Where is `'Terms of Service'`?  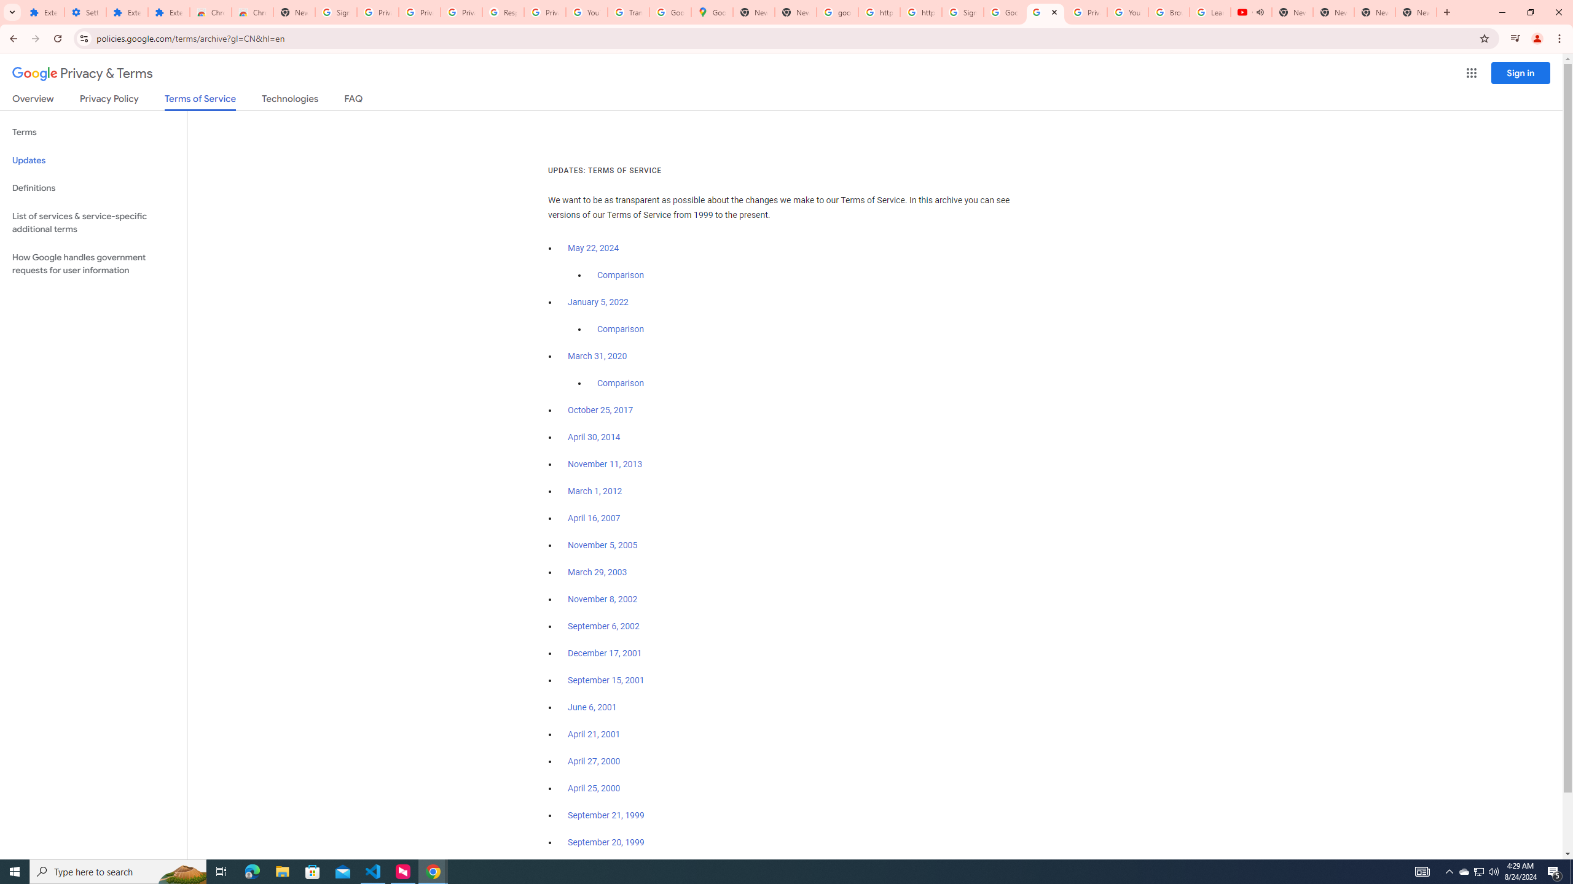
'Terms of Service' is located at coordinates (200, 101).